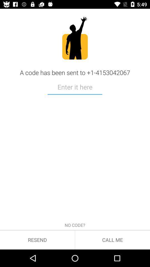  Describe the element at coordinates (37, 239) in the screenshot. I see `the resend icon` at that location.